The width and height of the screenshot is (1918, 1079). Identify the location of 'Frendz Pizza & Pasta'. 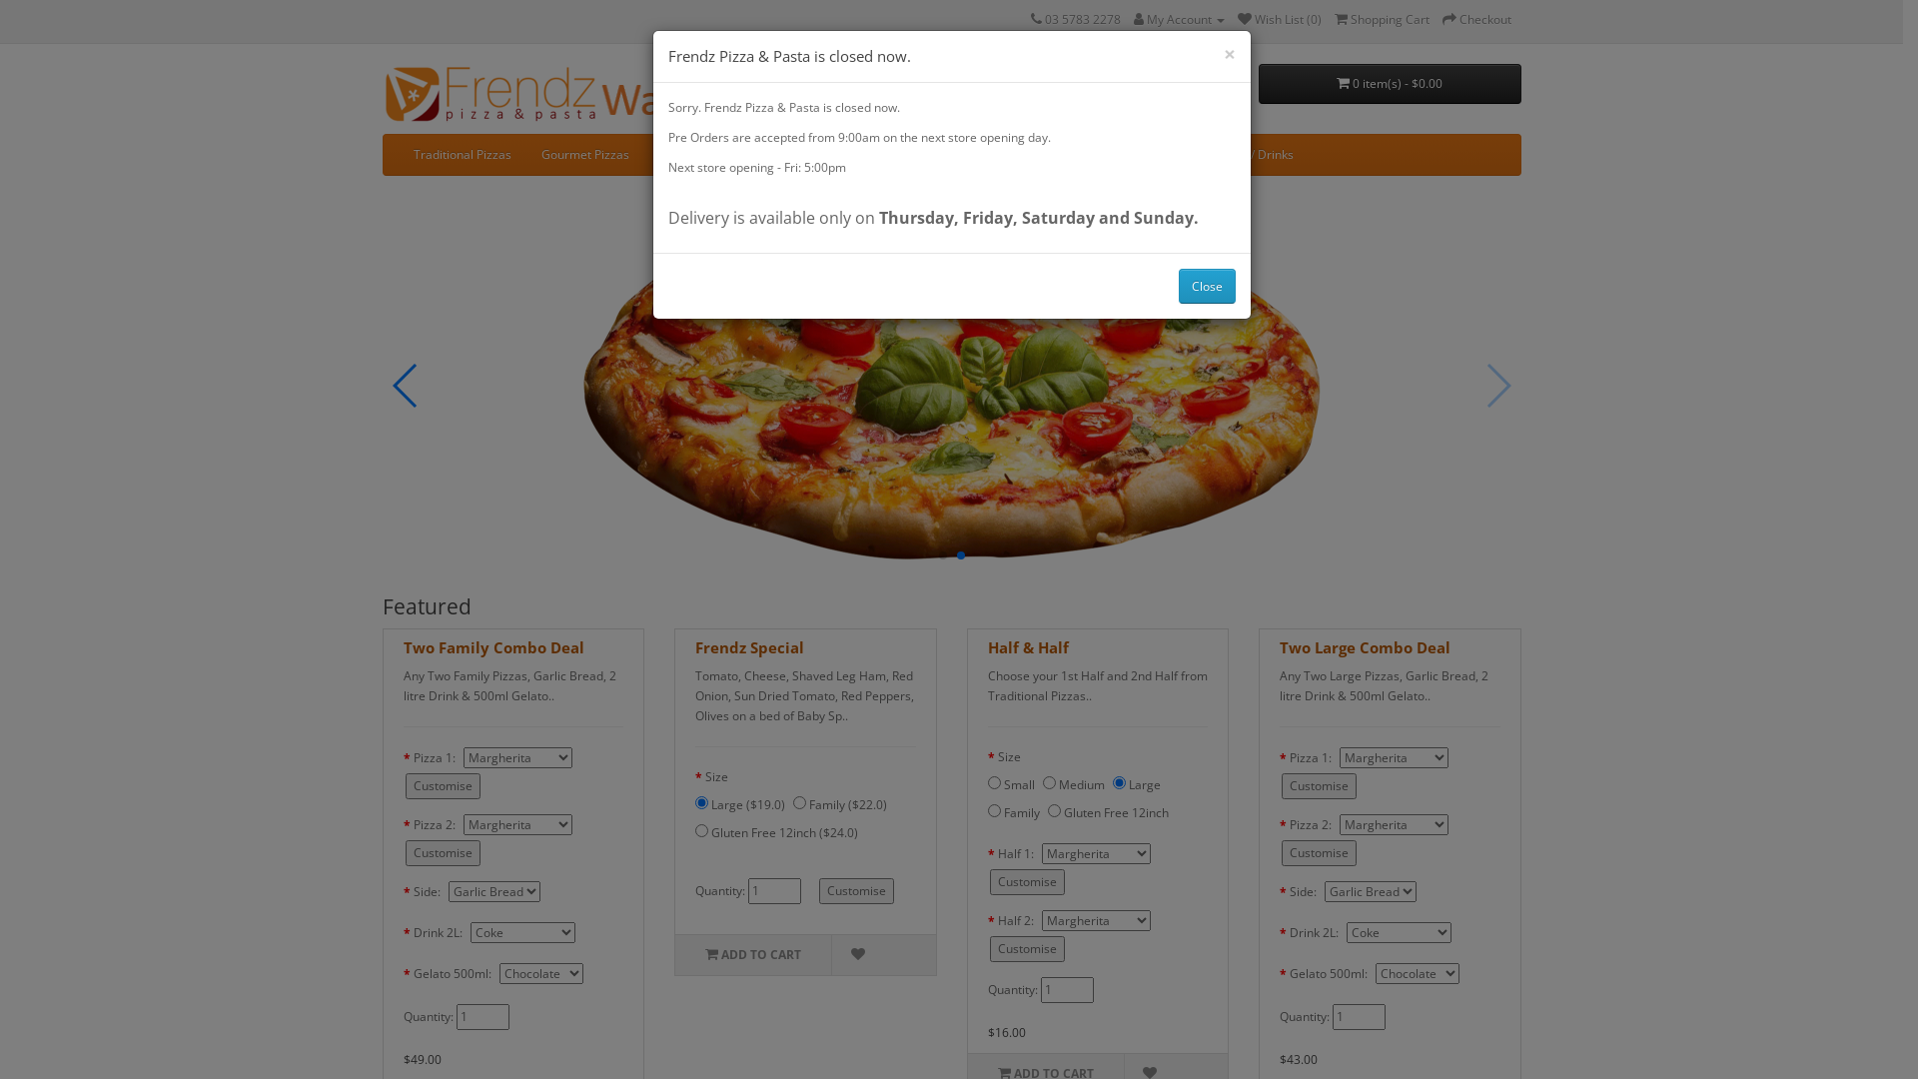
(554, 93).